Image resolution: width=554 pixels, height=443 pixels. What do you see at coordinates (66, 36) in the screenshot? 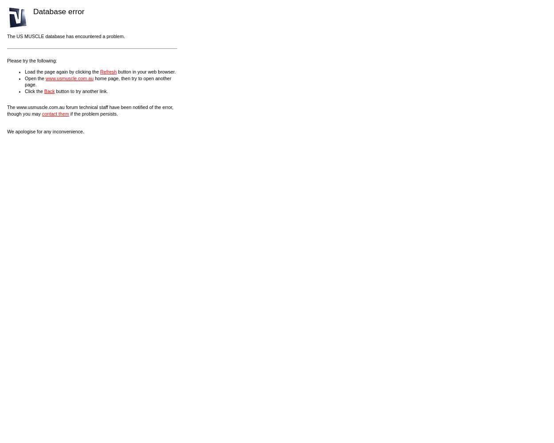
I see `'The US MUSCLE database has encountered a problem.'` at bounding box center [66, 36].